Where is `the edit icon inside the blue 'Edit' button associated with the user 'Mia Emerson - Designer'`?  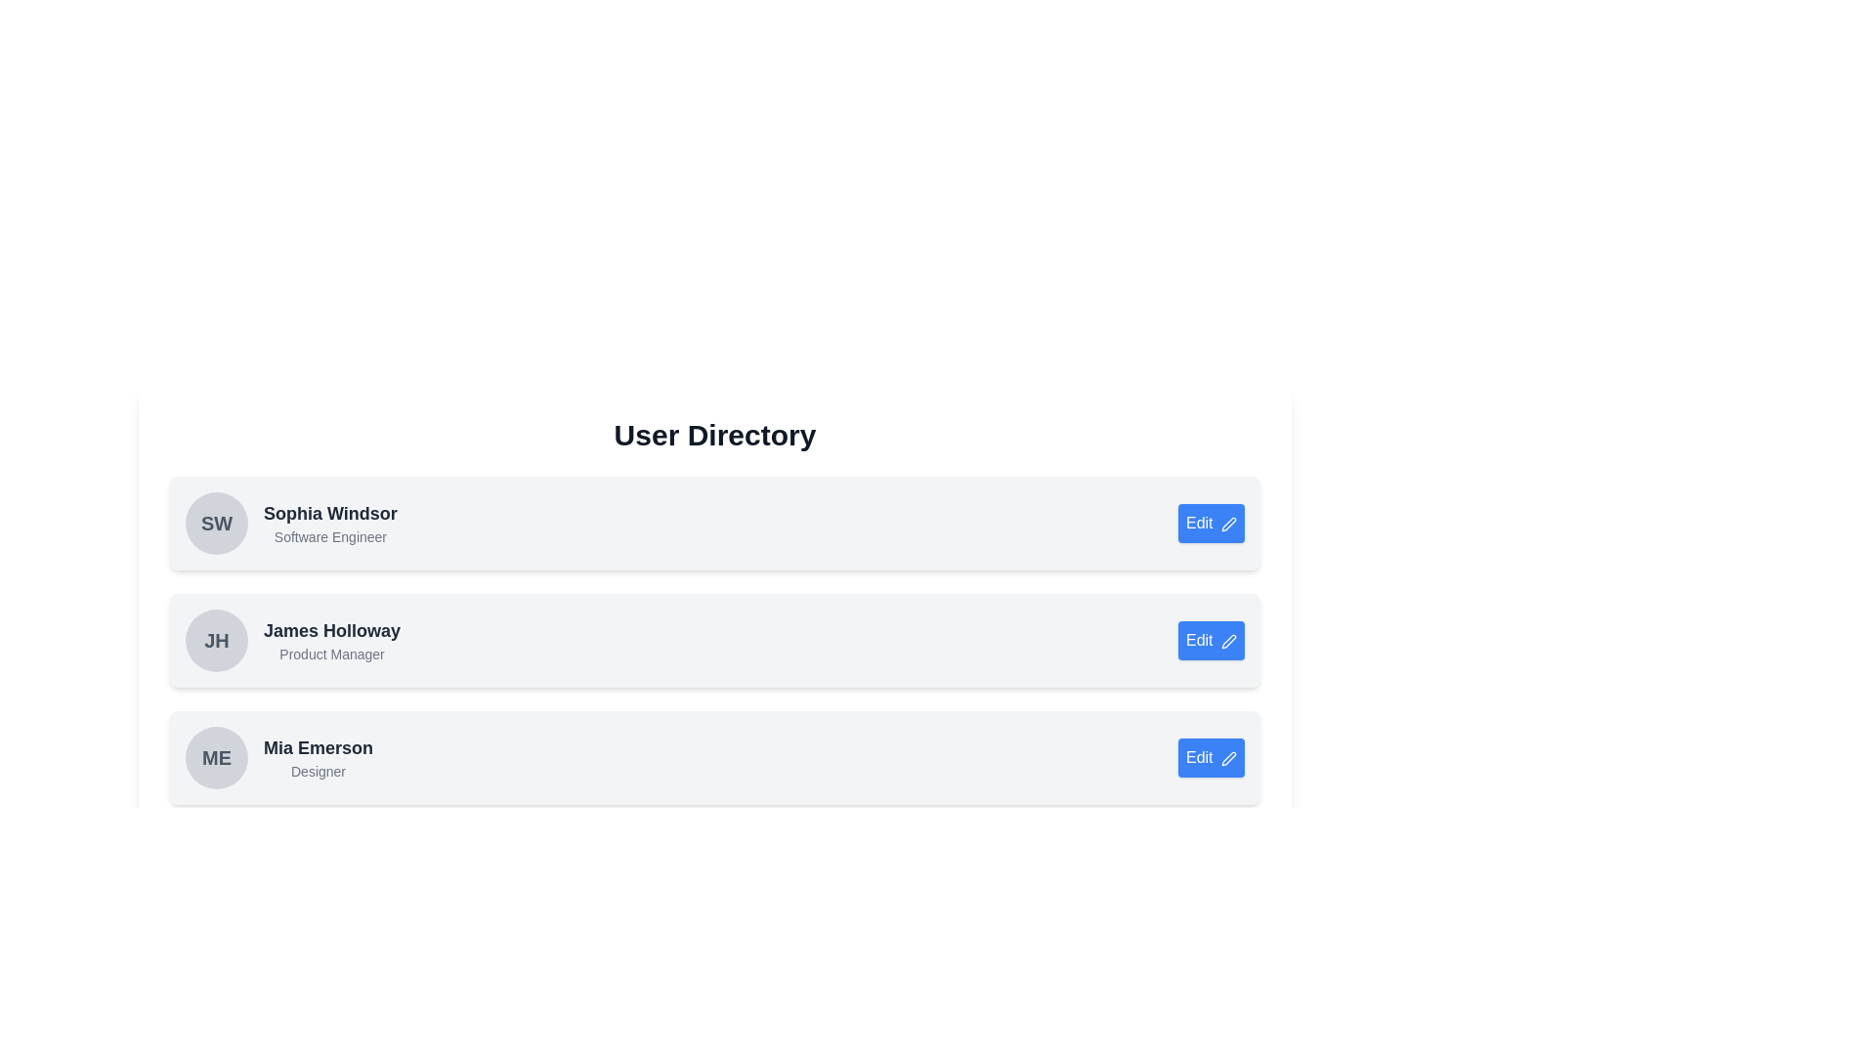
the edit icon inside the blue 'Edit' button associated with the user 'Mia Emerson - Designer' is located at coordinates (1227, 756).